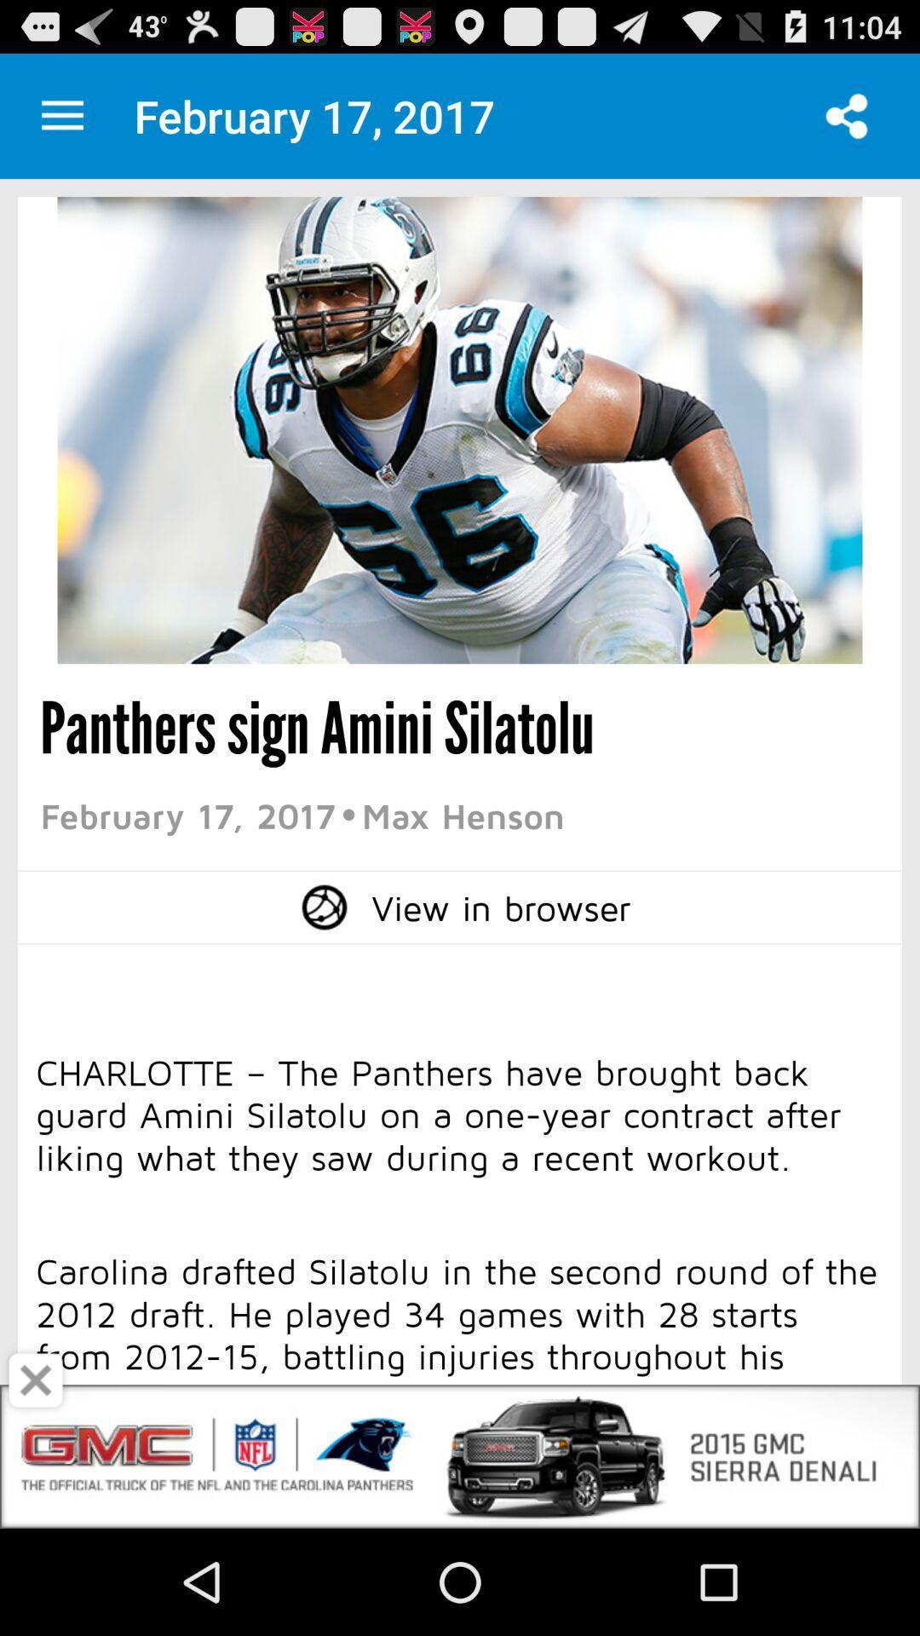 This screenshot has width=920, height=1636. I want to click on screen page, so click(460, 1247).